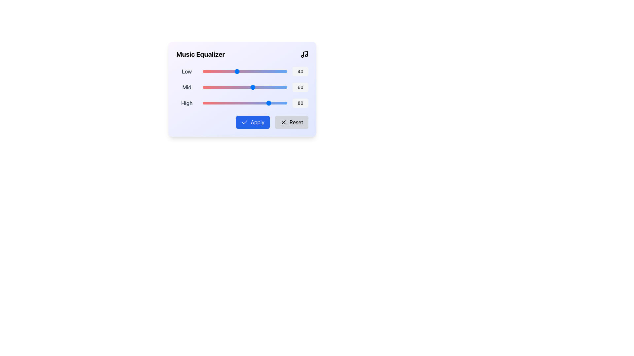 The image size is (634, 356). Describe the element at coordinates (242, 122) in the screenshot. I see `the 'Apply' button located at the bottom-right corner of the panel` at that location.